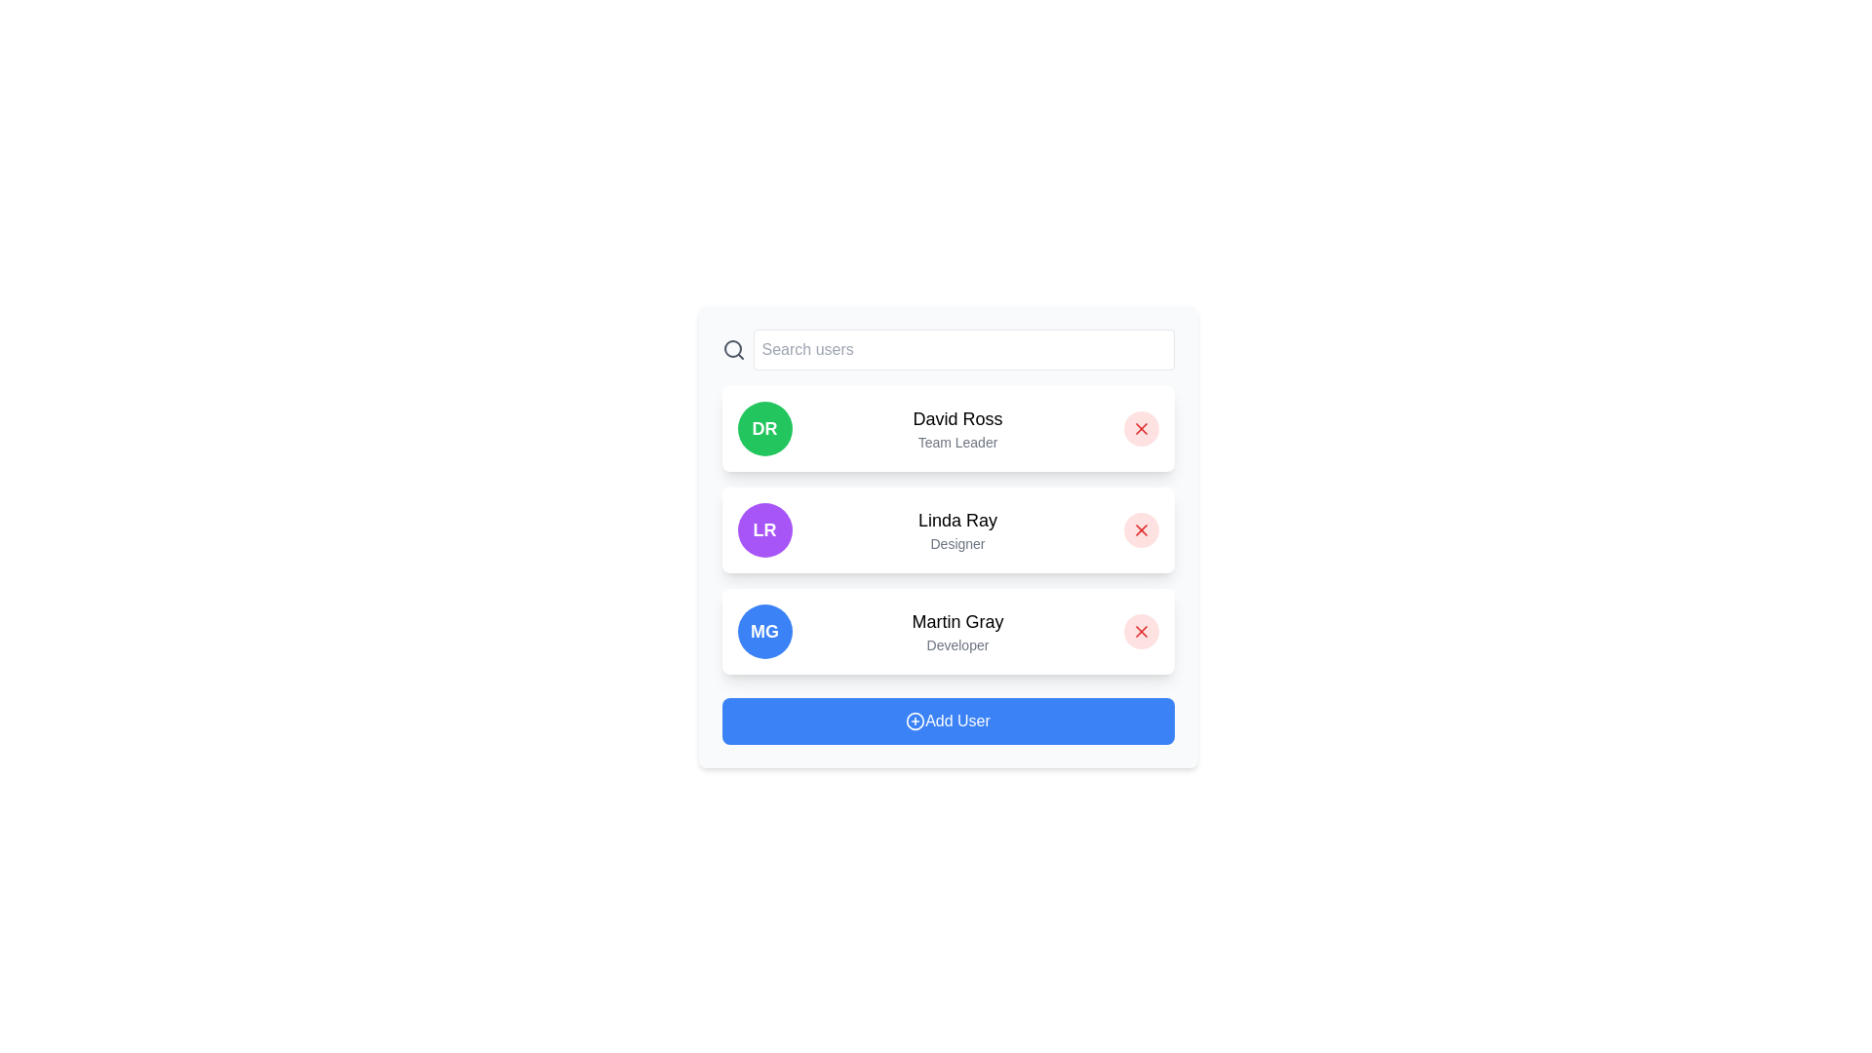 Image resolution: width=1872 pixels, height=1053 pixels. What do you see at coordinates (957, 529) in the screenshot?
I see `the user's name and role text located in the second row of user entries, adjacent to the circular icon with initials 'LR' and the red delete button` at bounding box center [957, 529].